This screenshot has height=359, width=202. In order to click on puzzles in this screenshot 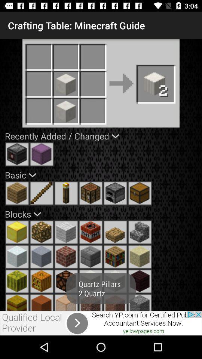, I will do `click(66, 302)`.